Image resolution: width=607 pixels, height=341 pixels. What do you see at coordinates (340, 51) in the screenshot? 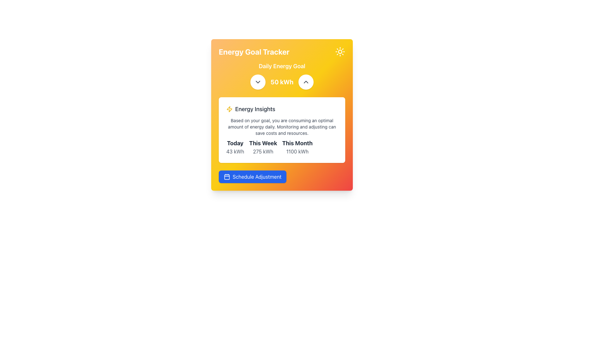
I see `the sun-shaped Decorative Icon located at the top-right corner of the 'Energy Goal Tracker' section, which features a circular disk surrounded by radial lines on an orange gradient background` at bounding box center [340, 51].